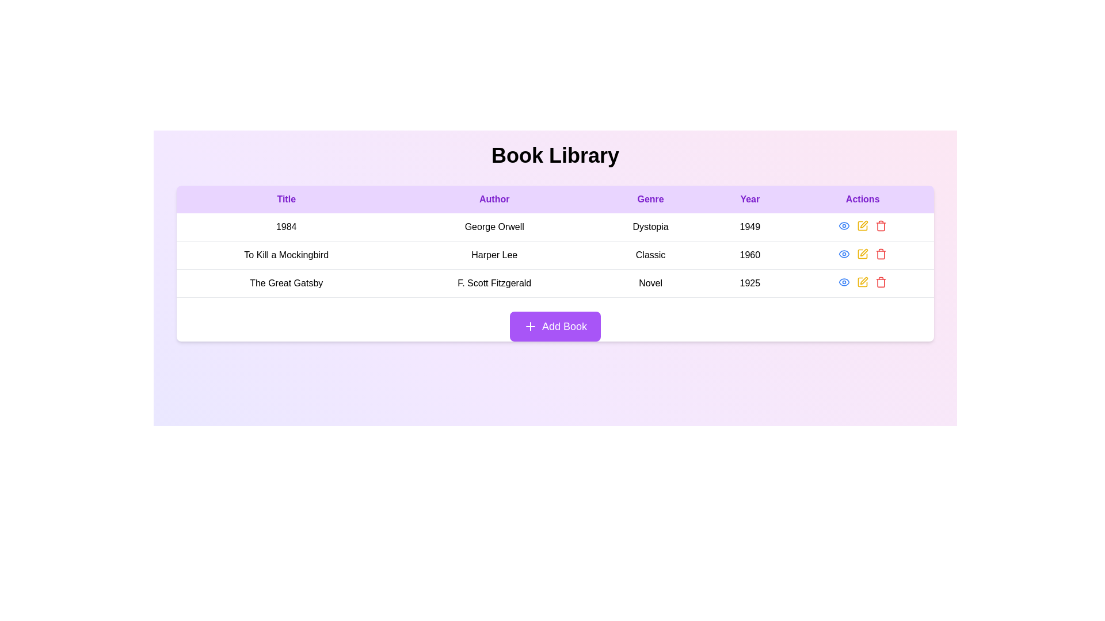 The image size is (1105, 621). I want to click on the 'Genre' column header label in the table, which provides context for the content below it and is centrally positioned between 'Author' and 'Year', so click(650, 199).